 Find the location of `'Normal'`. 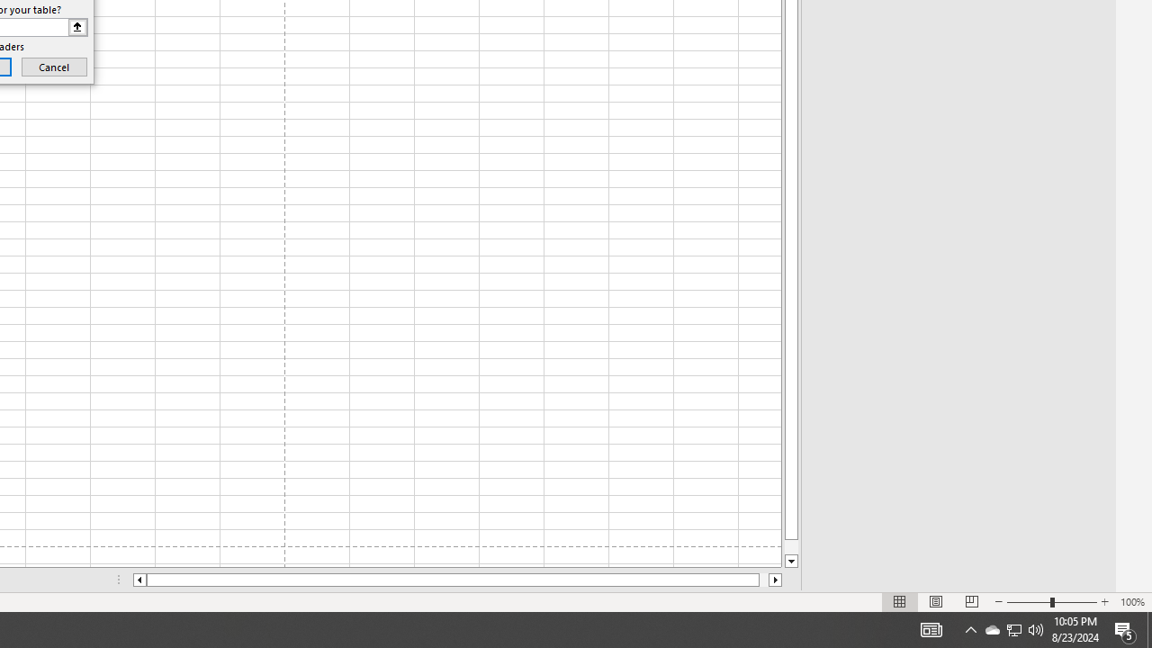

'Normal' is located at coordinates (900, 602).